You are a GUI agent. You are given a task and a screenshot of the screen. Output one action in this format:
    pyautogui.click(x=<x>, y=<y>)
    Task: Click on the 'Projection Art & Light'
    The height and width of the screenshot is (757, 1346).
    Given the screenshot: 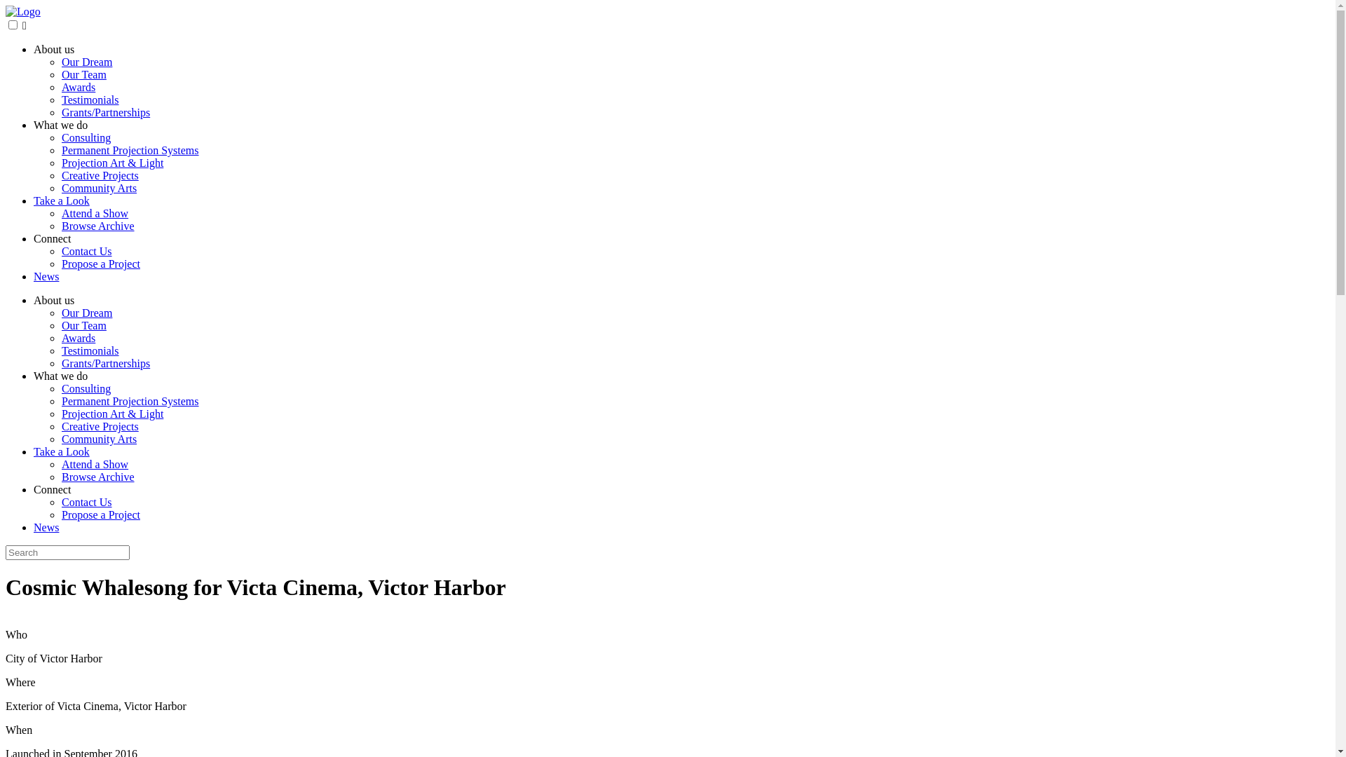 What is the action you would take?
    pyautogui.click(x=112, y=413)
    